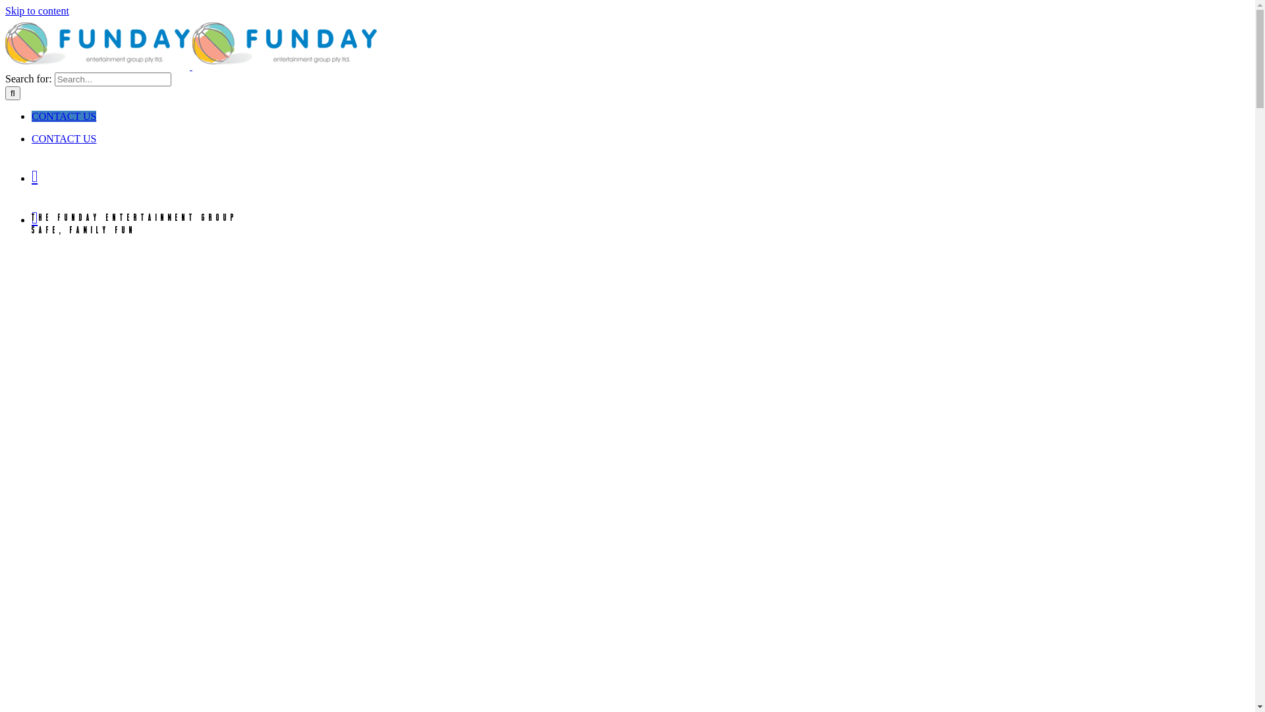  What do you see at coordinates (63, 138) in the screenshot?
I see `'CONTACT US'` at bounding box center [63, 138].